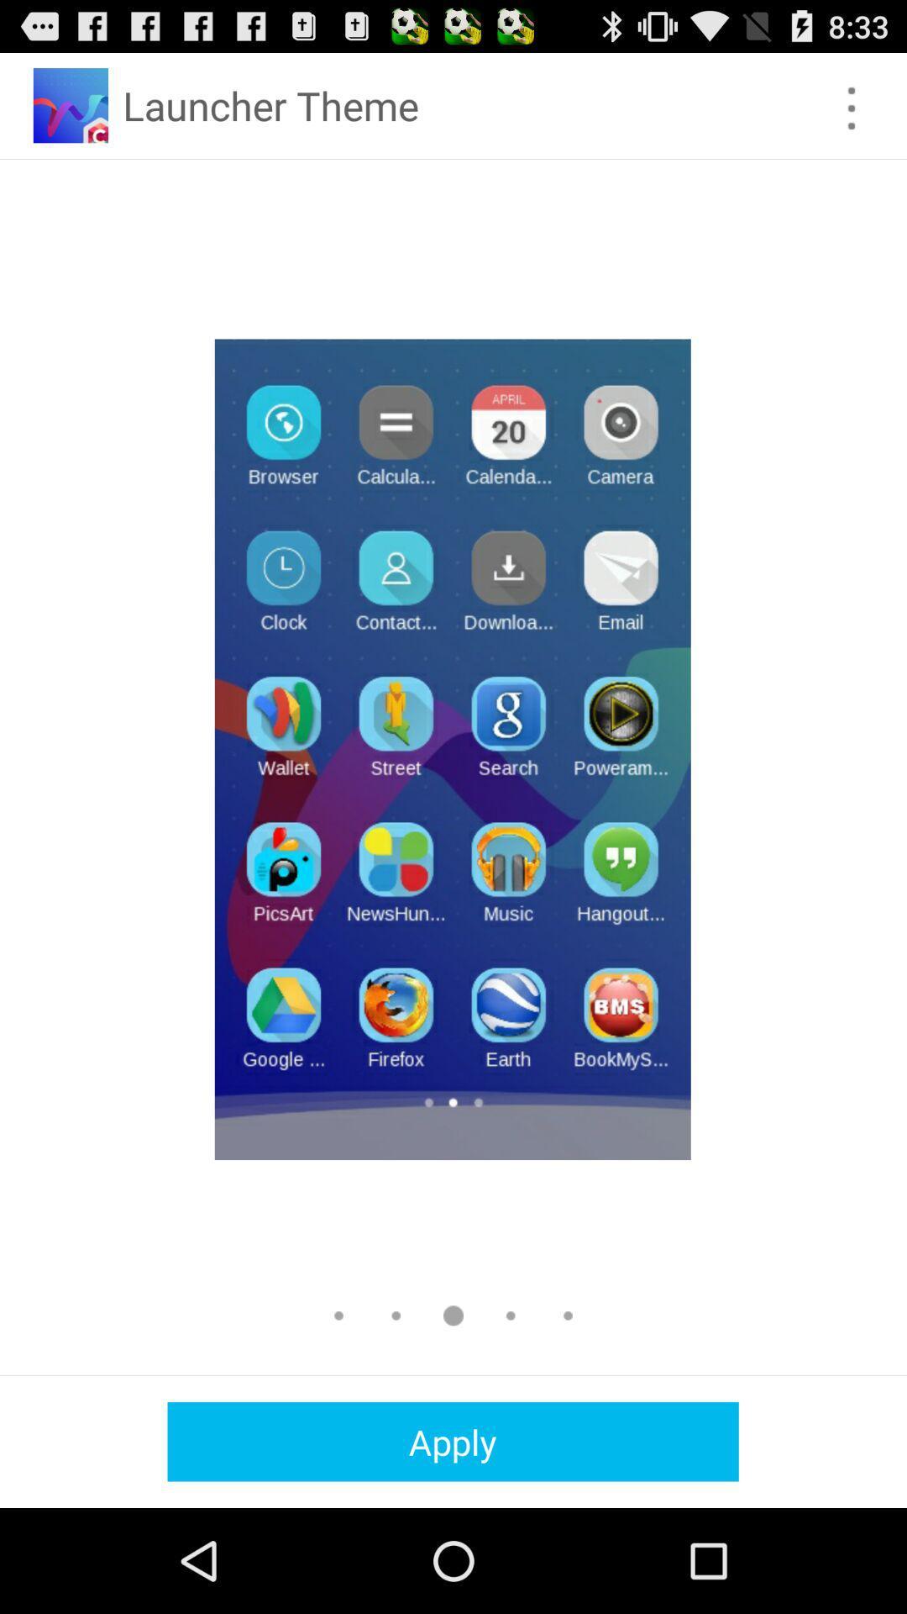  What do you see at coordinates (852, 115) in the screenshot?
I see `the more icon` at bounding box center [852, 115].